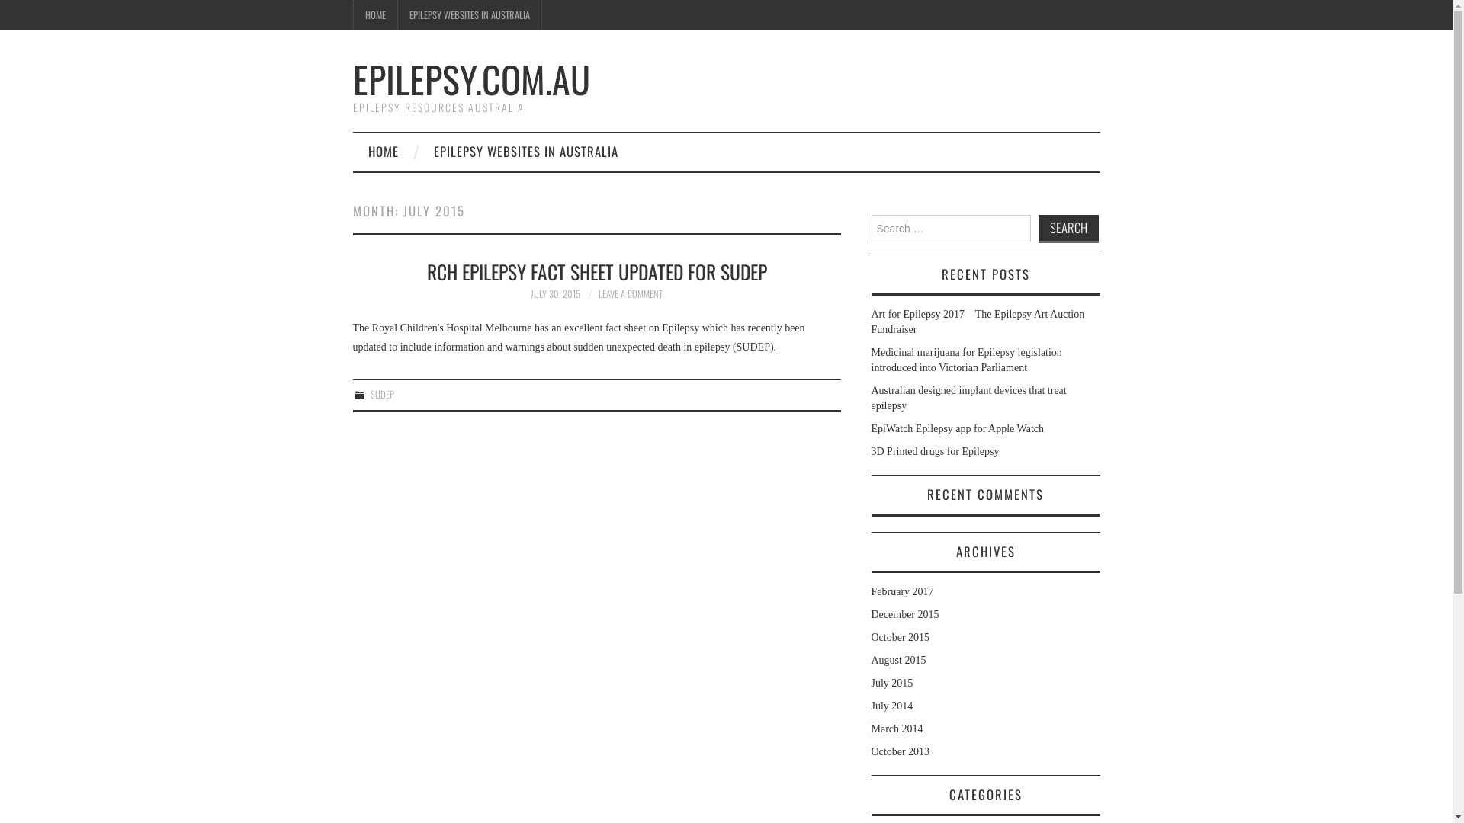  What do you see at coordinates (470, 78) in the screenshot?
I see `'EPILEPSY.COM.AU'` at bounding box center [470, 78].